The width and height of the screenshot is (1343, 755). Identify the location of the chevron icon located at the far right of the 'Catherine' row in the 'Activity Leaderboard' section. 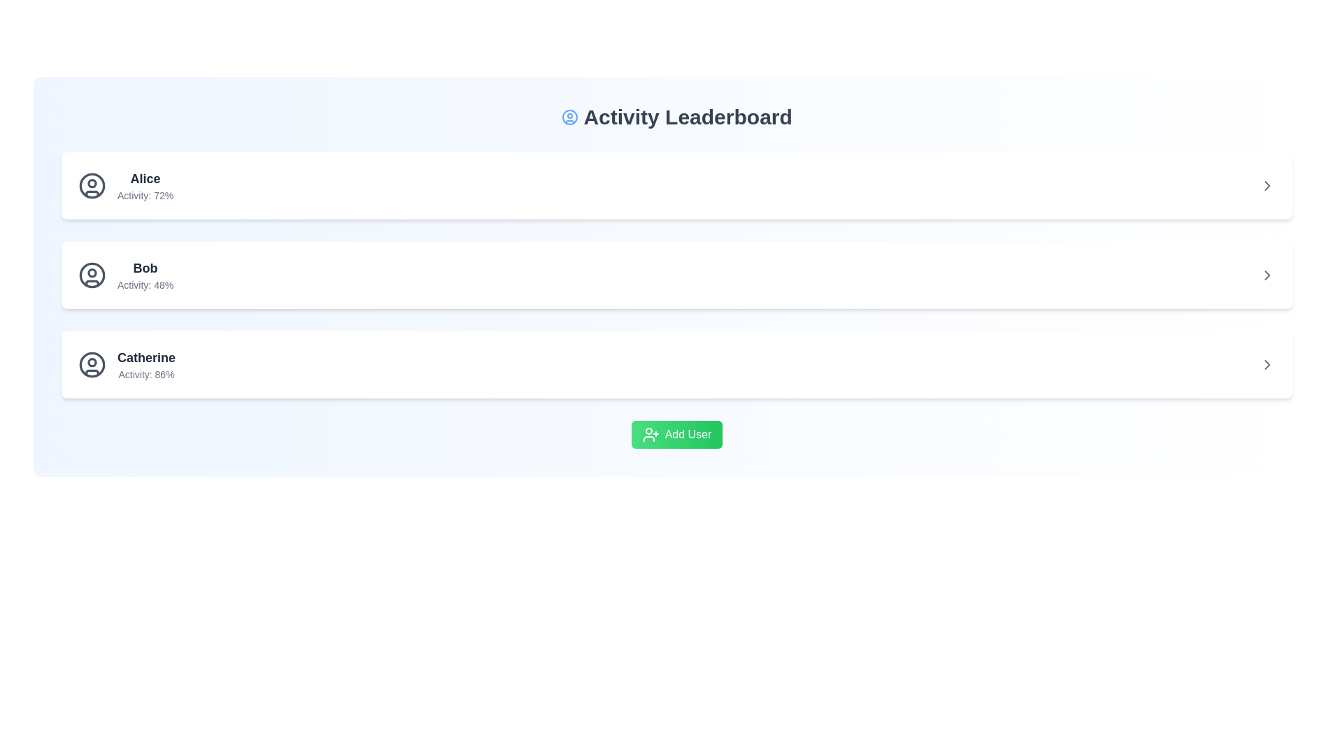
(1267, 364).